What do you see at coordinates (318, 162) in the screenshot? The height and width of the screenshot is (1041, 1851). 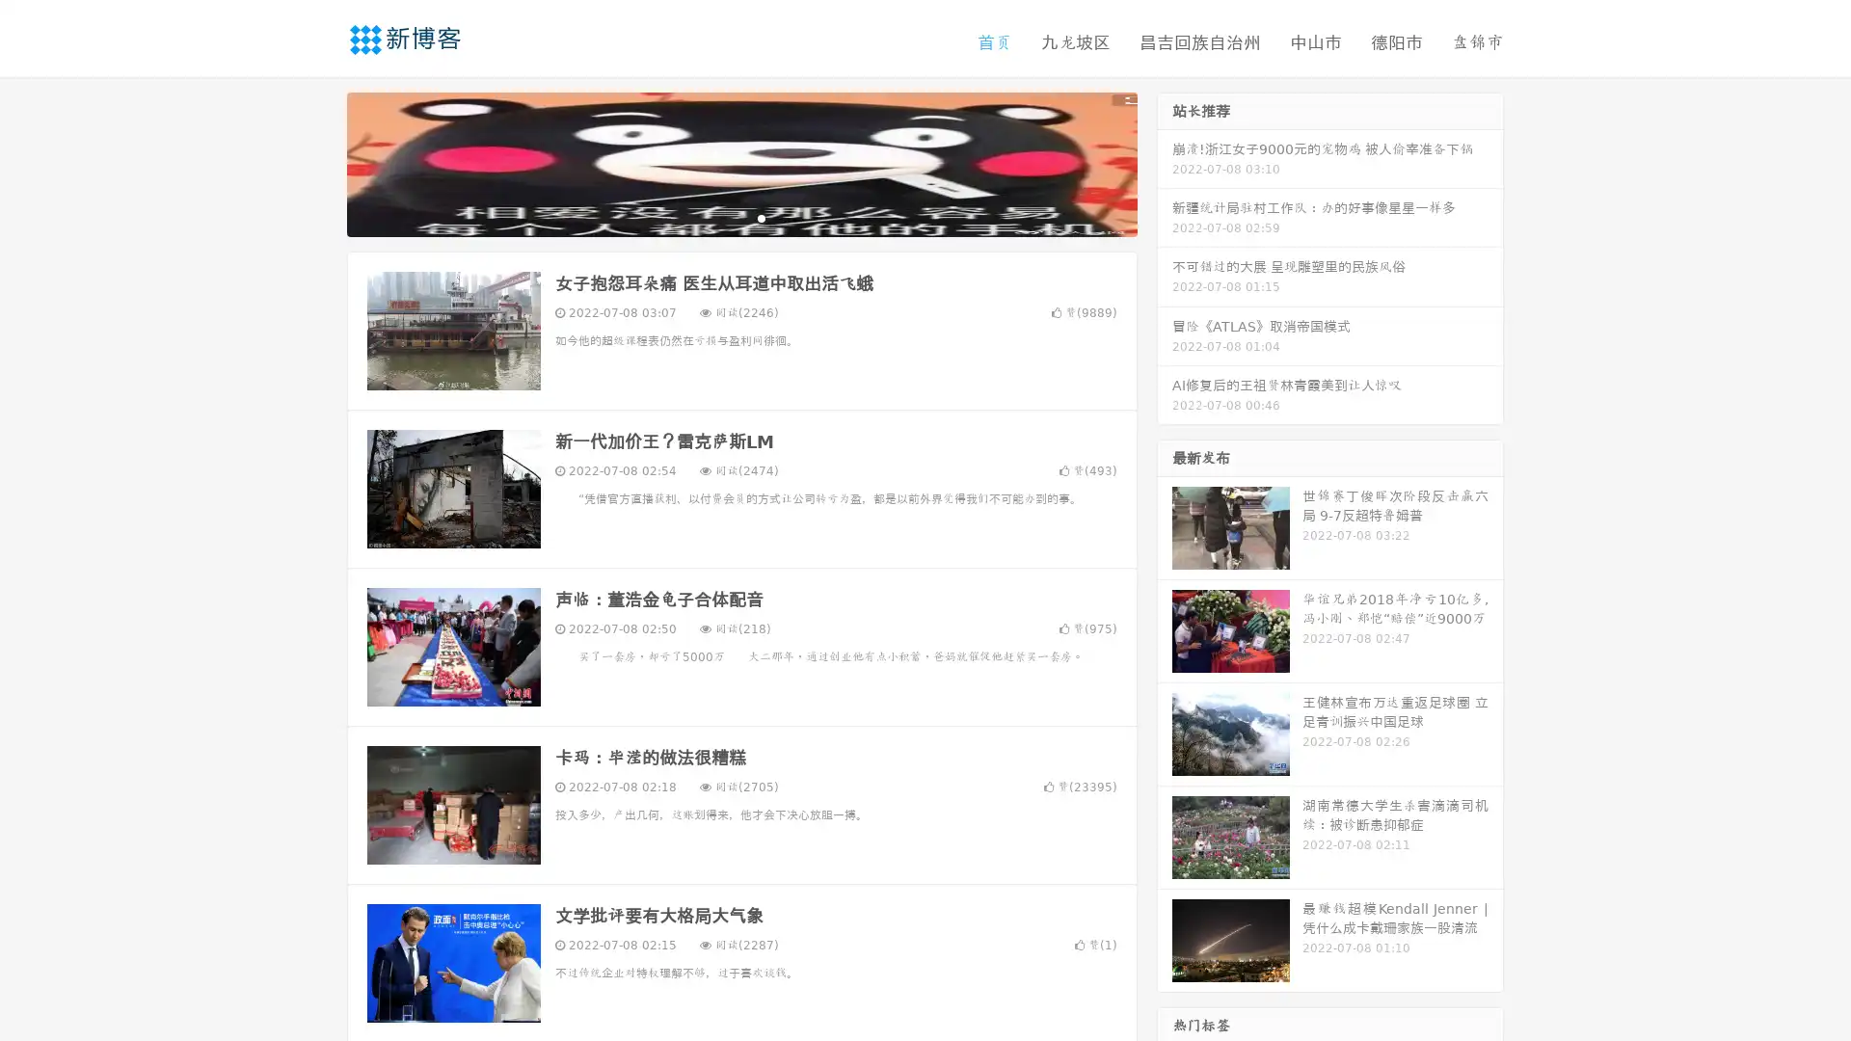 I see `Previous slide` at bounding box center [318, 162].